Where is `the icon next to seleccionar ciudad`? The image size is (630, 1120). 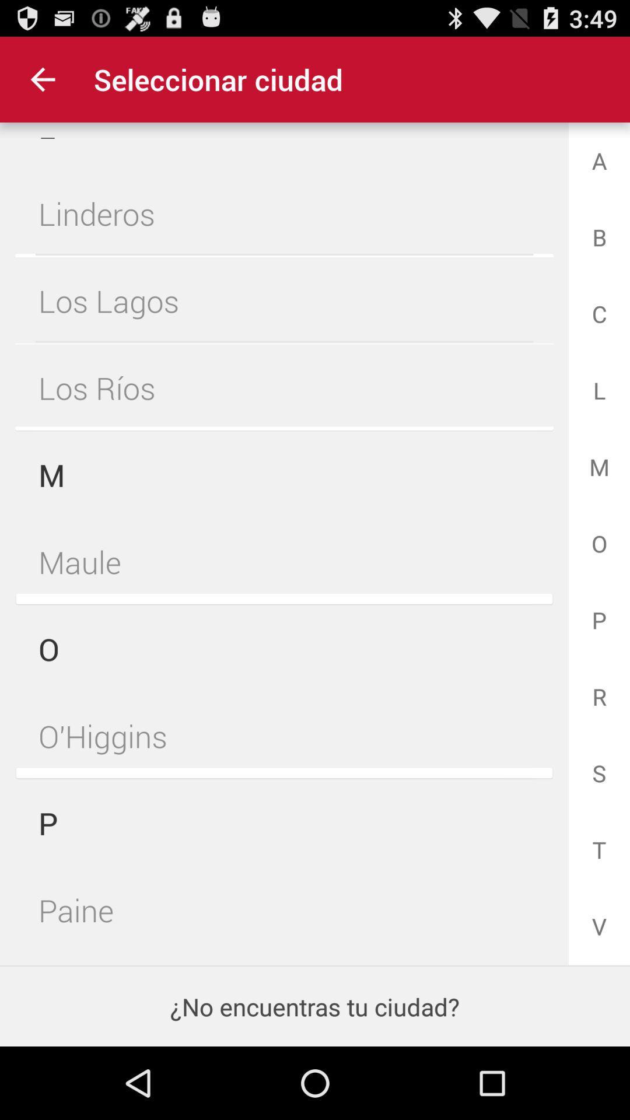 the icon next to seleccionar ciudad is located at coordinates (42, 79).